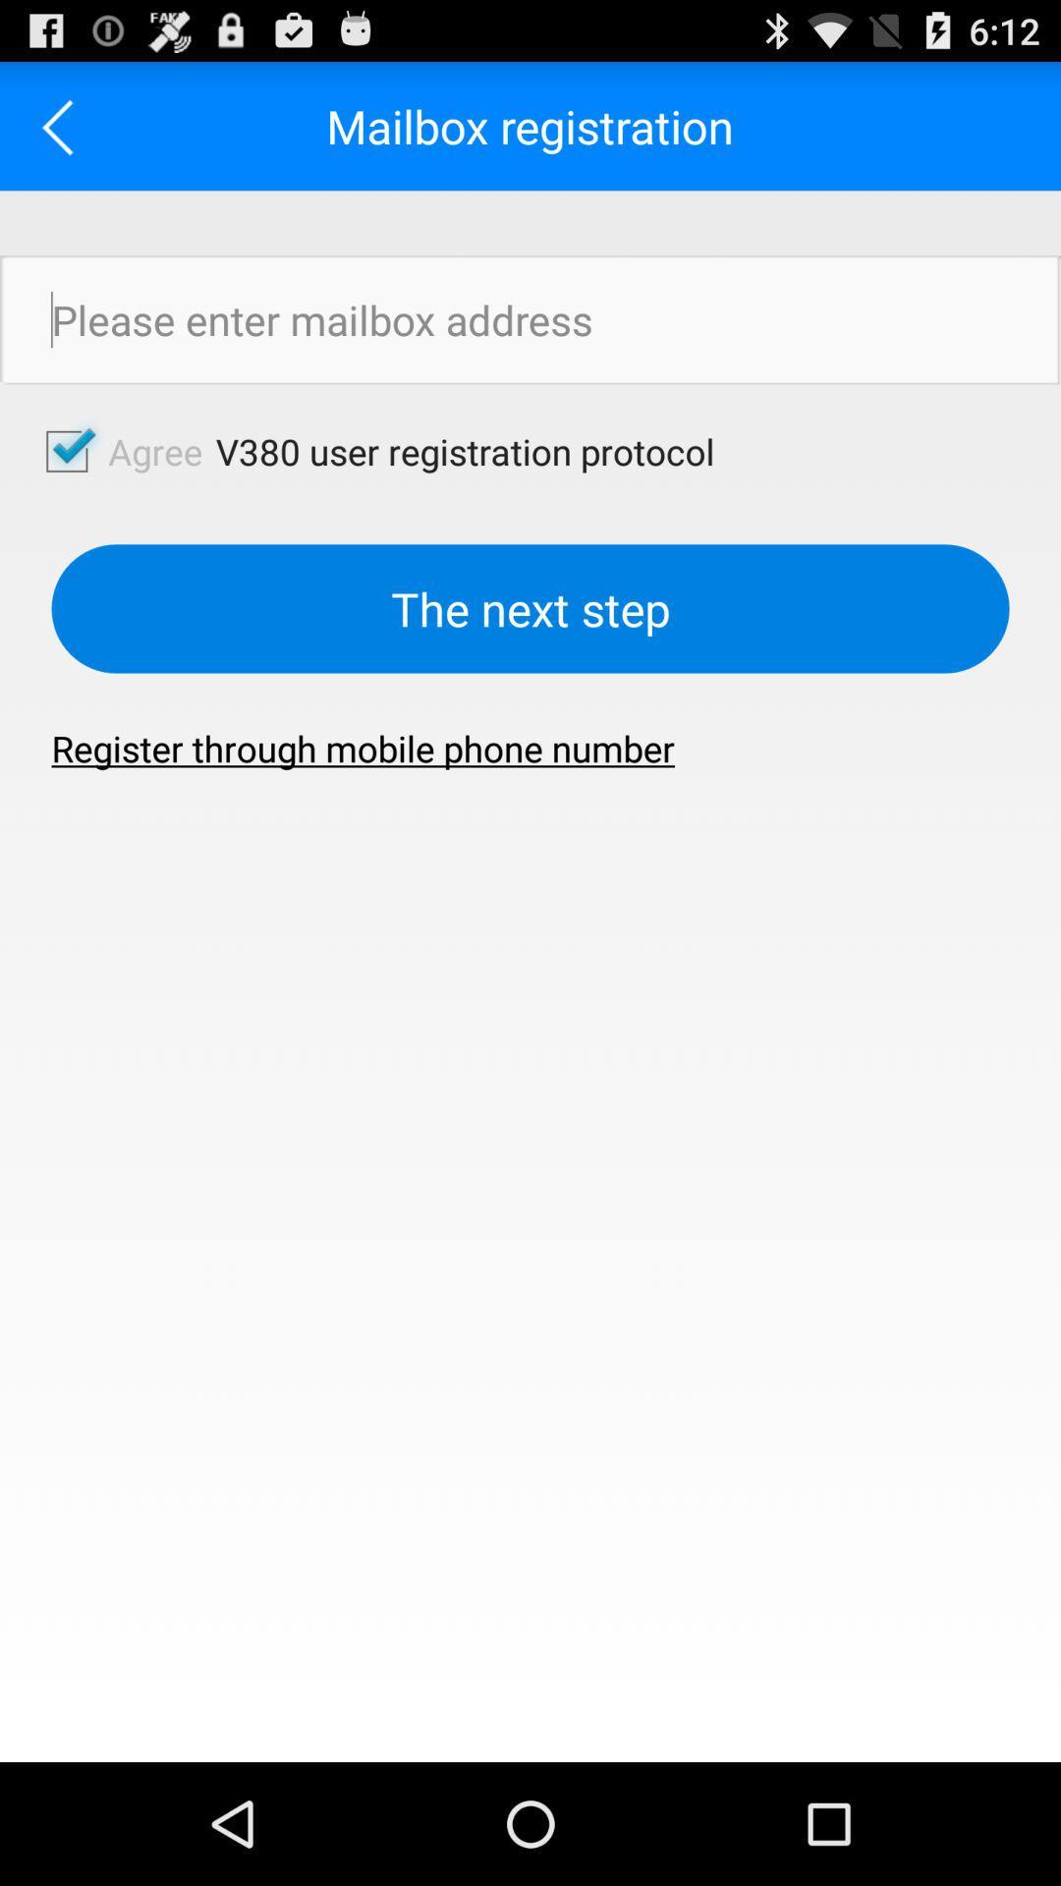  What do you see at coordinates (63, 134) in the screenshot?
I see `the arrow_backward icon` at bounding box center [63, 134].